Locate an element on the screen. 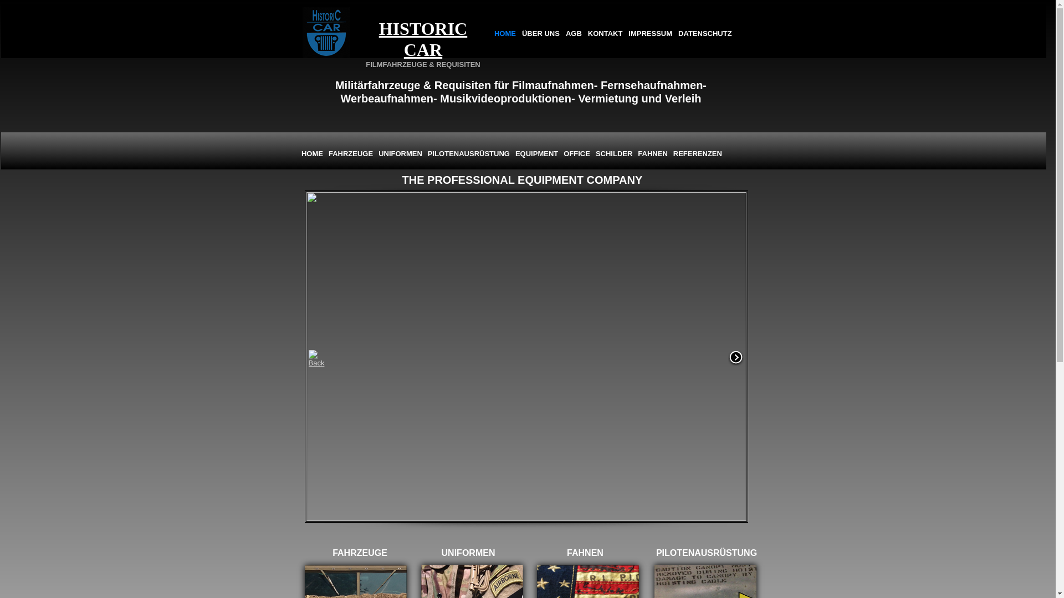 This screenshot has width=1064, height=598. 'EQUIPMENT' is located at coordinates (512, 153).